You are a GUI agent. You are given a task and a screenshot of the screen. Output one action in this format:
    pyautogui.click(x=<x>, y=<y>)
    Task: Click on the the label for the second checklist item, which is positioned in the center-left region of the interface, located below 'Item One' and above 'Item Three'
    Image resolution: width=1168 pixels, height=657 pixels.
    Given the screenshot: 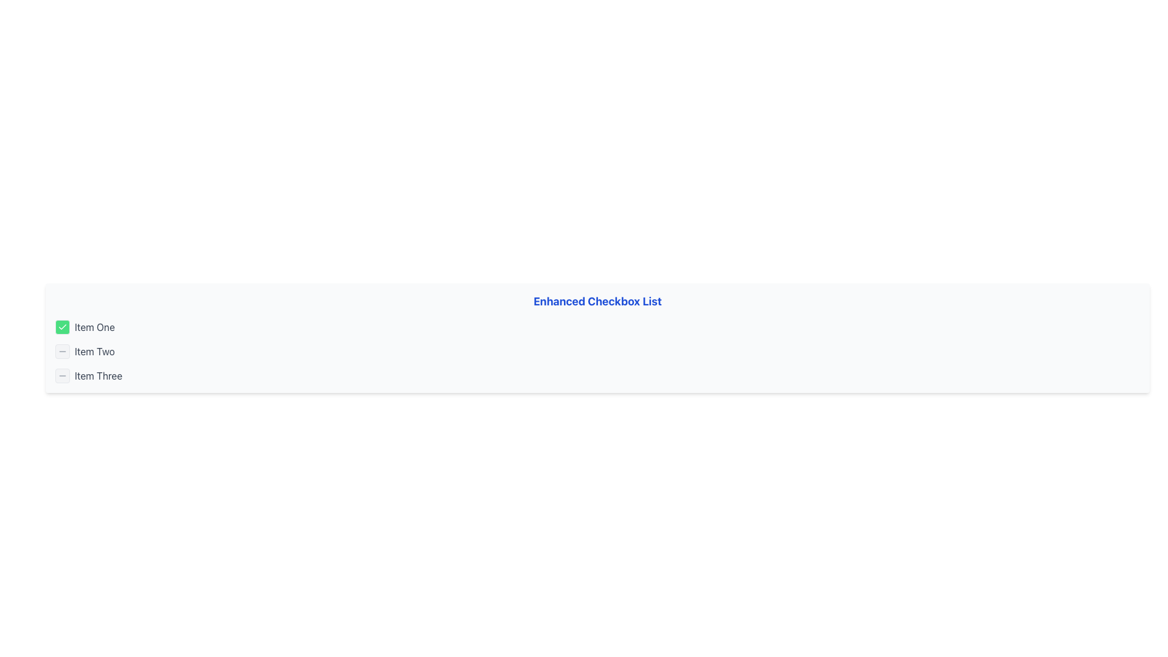 What is the action you would take?
    pyautogui.click(x=94, y=352)
    